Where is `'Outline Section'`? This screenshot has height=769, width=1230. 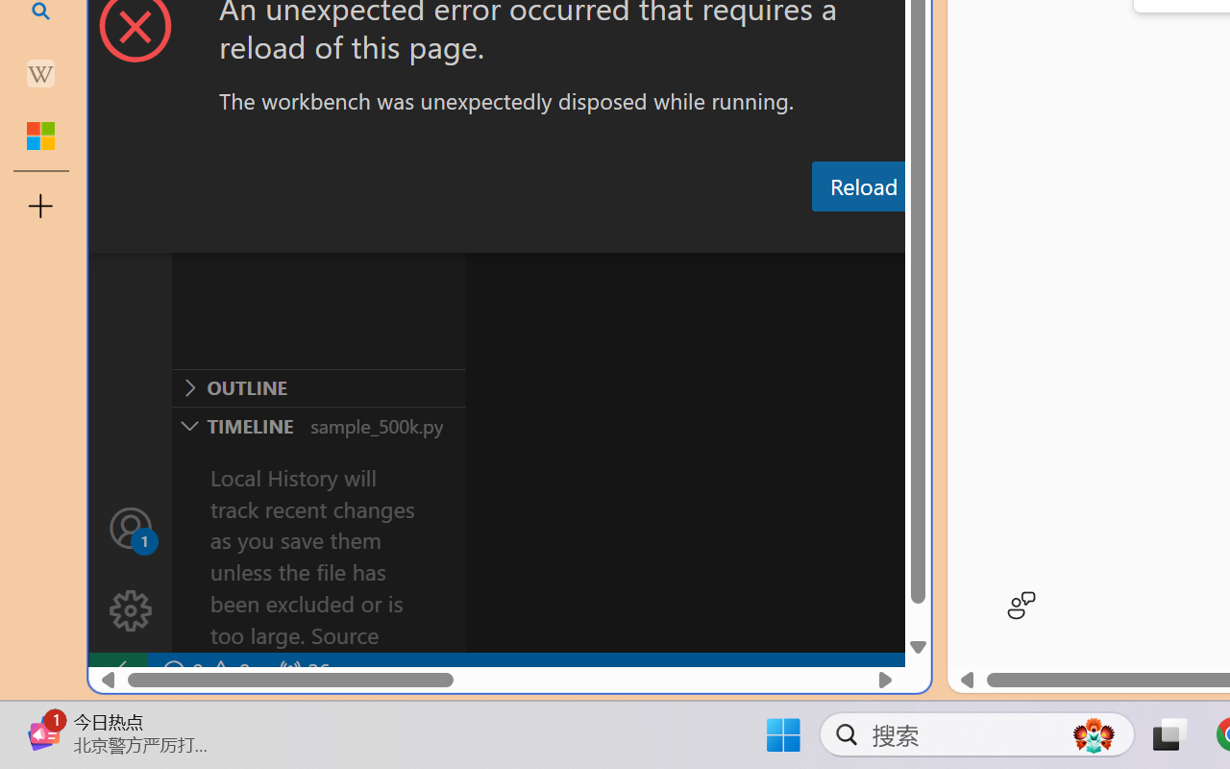
'Outline Section' is located at coordinates (318, 387).